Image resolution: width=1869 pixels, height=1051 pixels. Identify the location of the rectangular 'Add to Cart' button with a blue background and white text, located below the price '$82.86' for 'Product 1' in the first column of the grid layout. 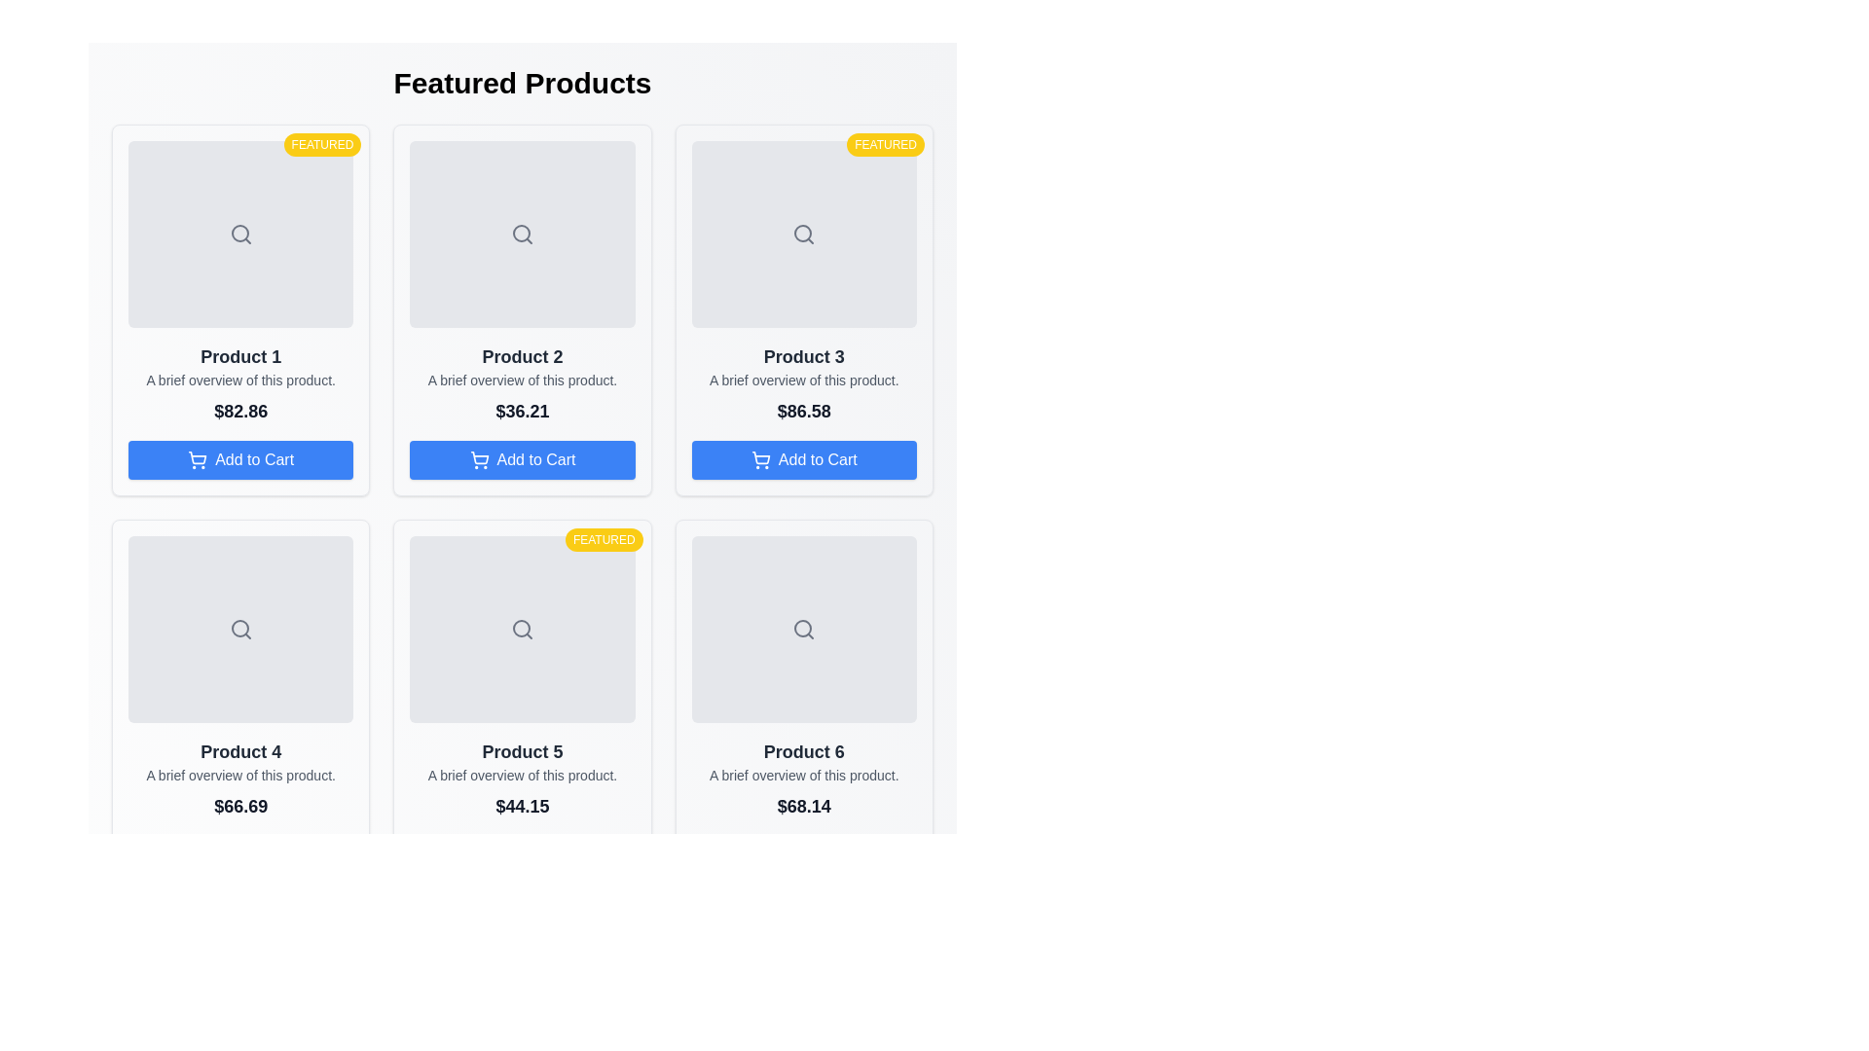
(239, 460).